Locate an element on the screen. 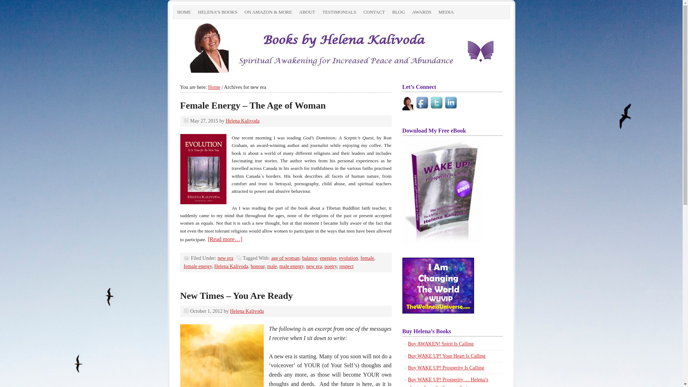  'Buy WAKE UP! Your Heart Is Calling' is located at coordinates (446, 356).